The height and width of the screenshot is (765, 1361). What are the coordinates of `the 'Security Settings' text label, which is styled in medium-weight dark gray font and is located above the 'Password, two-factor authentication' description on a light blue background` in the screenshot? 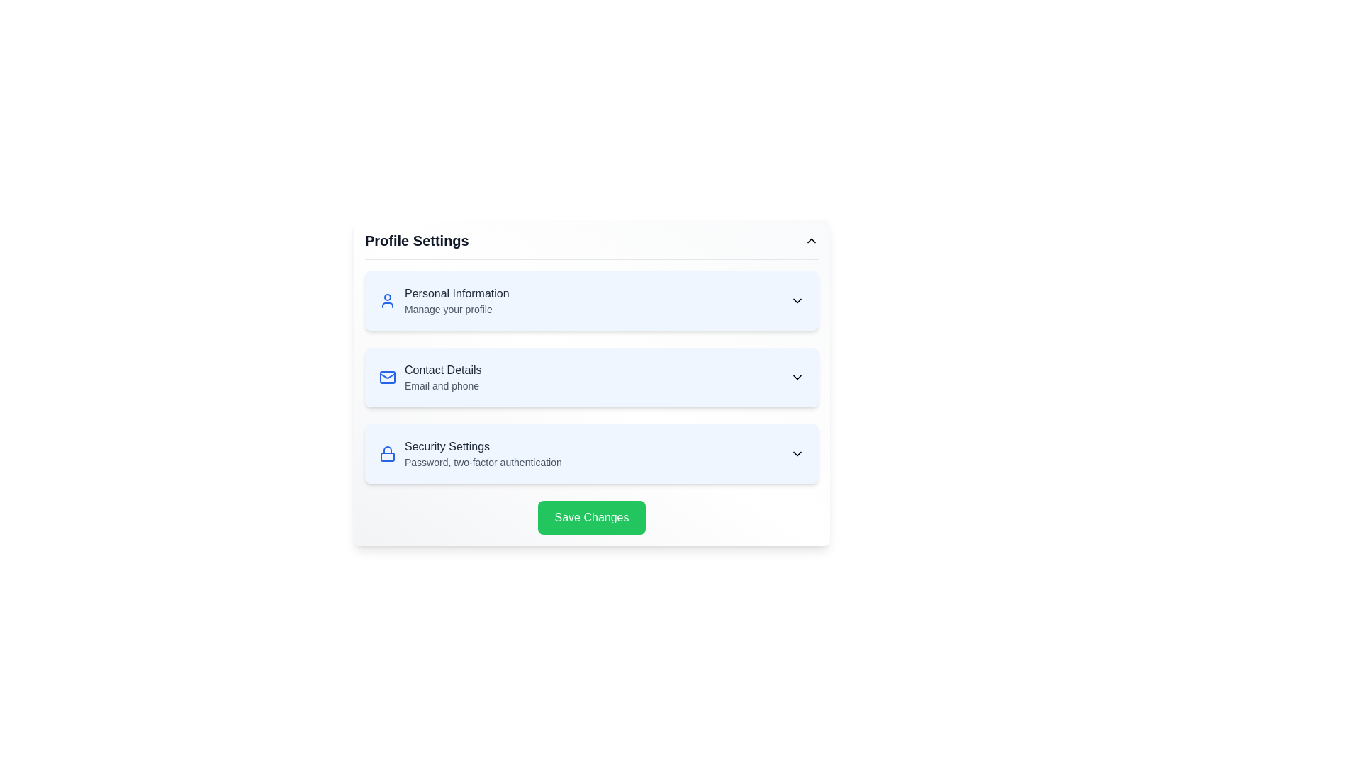 It's located at (483, 447).